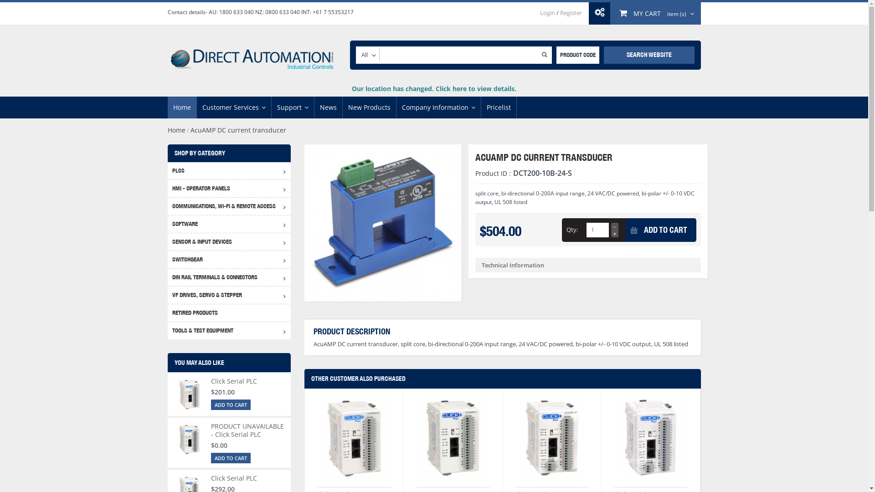 The width and height of the screenshot is (875, 492). What do you see at coordinates (182, 107) in the screenshot?
I see `'Home'` at bounding box center [182, 107].